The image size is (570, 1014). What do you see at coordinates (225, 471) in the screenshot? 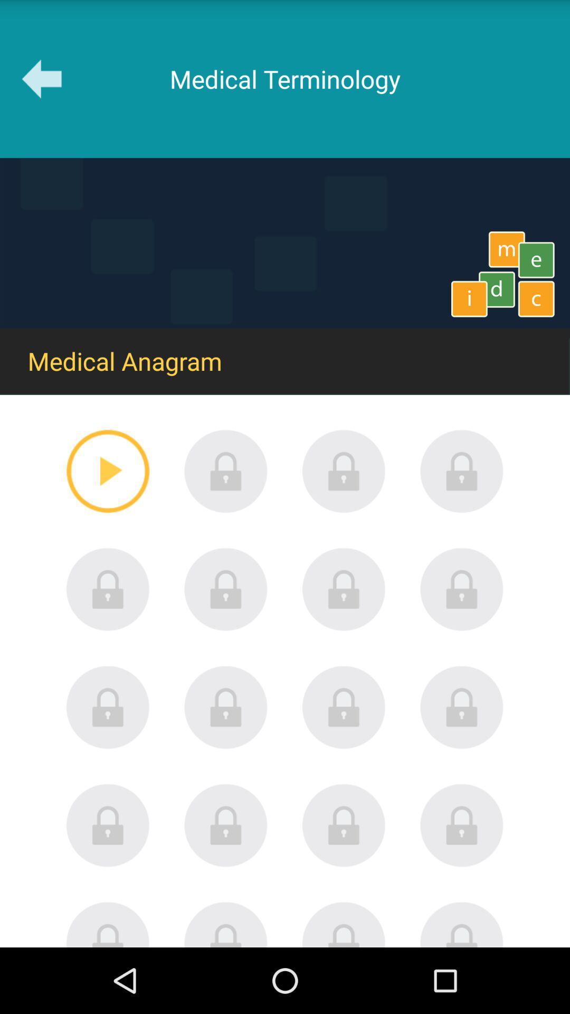
I see `unlock item` at bounding box center [225, 471].